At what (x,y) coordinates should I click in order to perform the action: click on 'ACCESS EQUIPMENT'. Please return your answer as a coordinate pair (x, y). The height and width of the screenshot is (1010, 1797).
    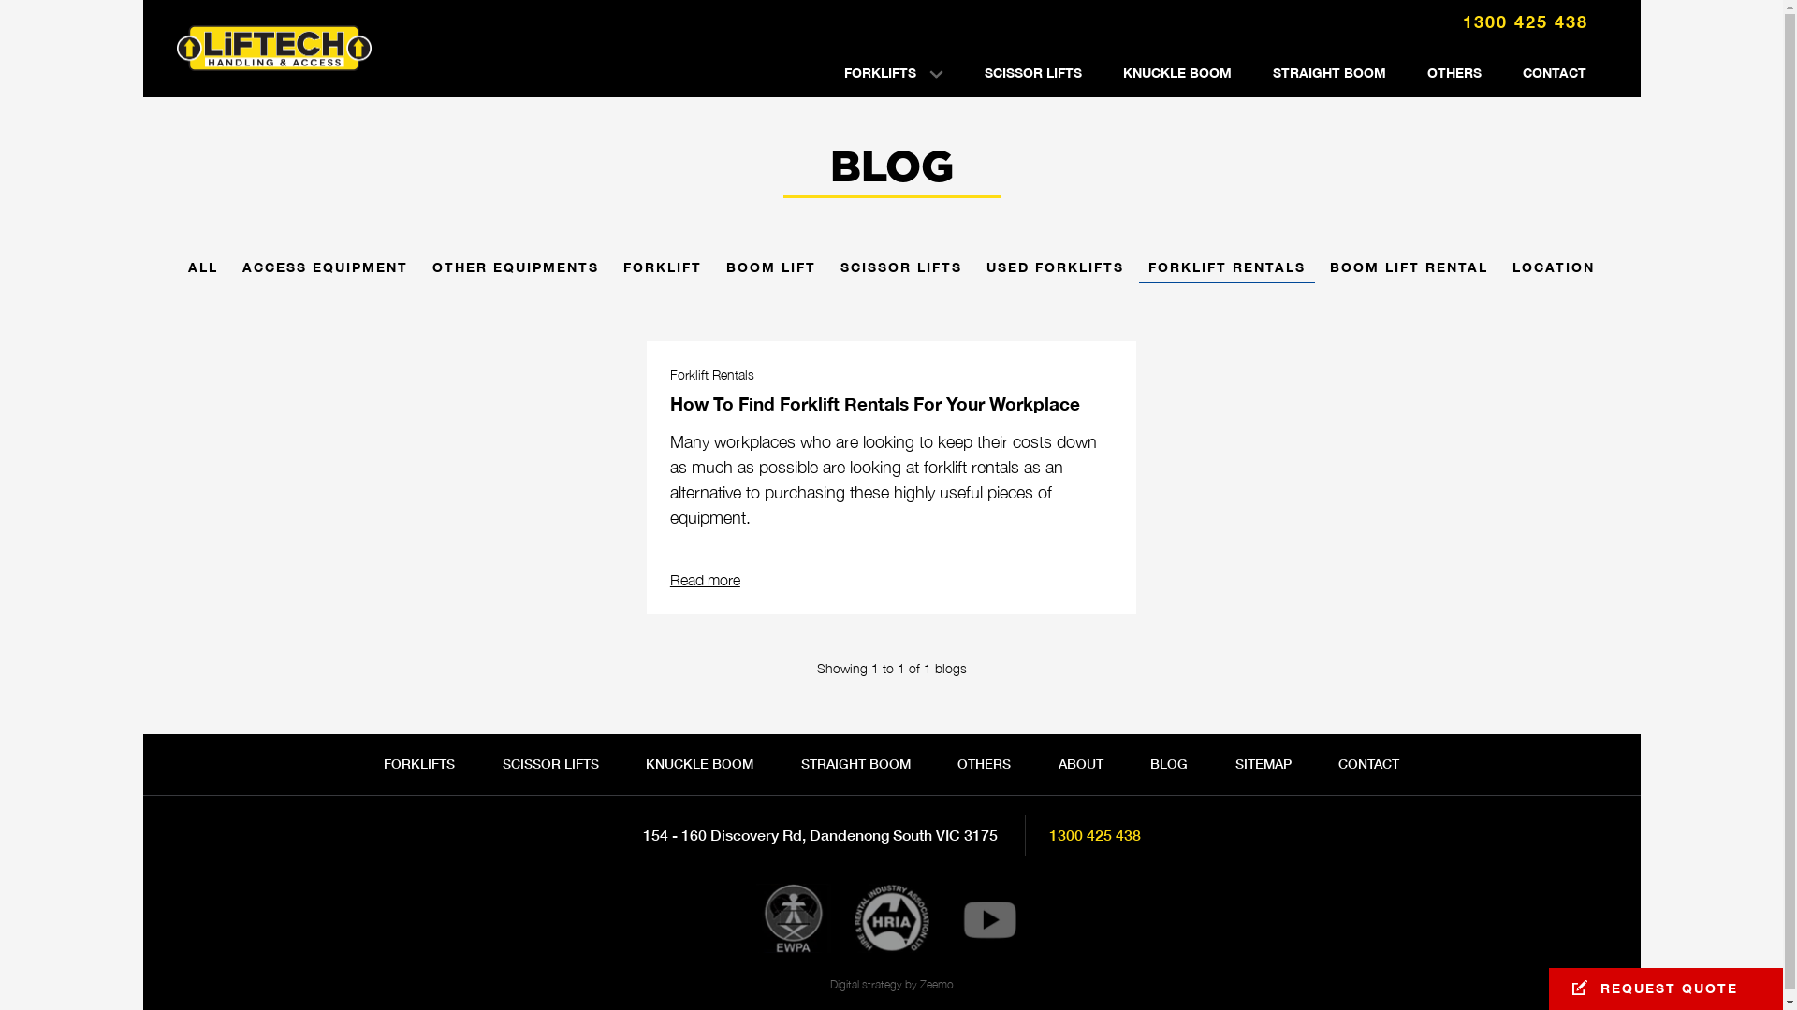
    Looking at the image, I should click on (325, 270).